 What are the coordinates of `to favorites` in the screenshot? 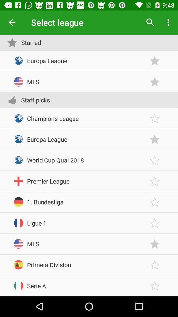 It's located at (155, 81).